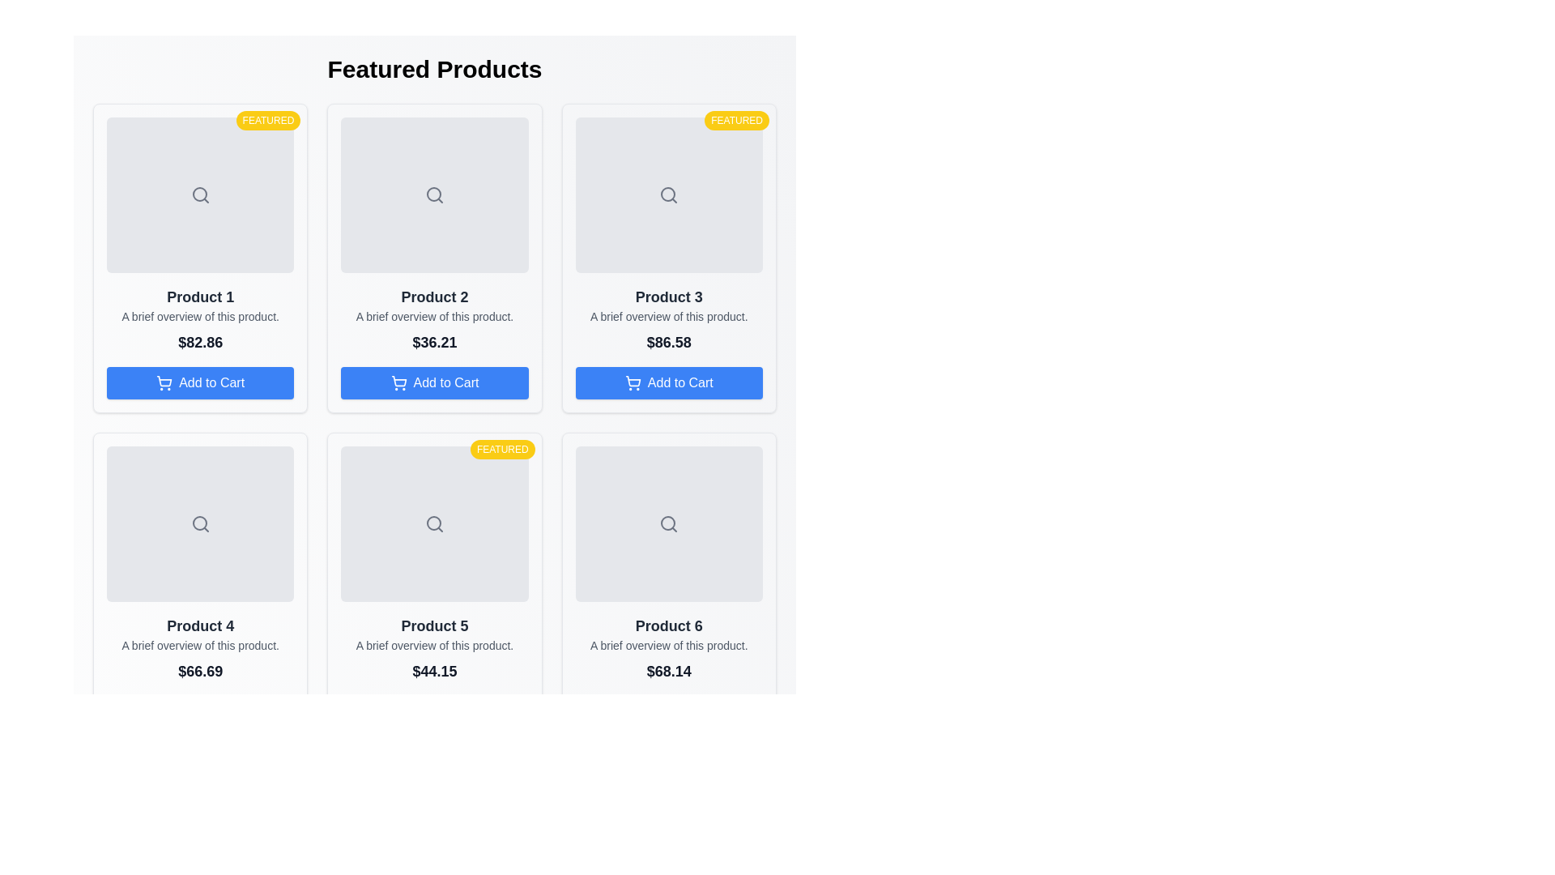 The height and width of the screenshot is (875, 1555). What do you see at coordinates (736, 120) in the screenshot?
I see `the yellow badge labeled 'FEATURED' located at the top-right corner of Product 3's card` at bounding box center [736, 120].